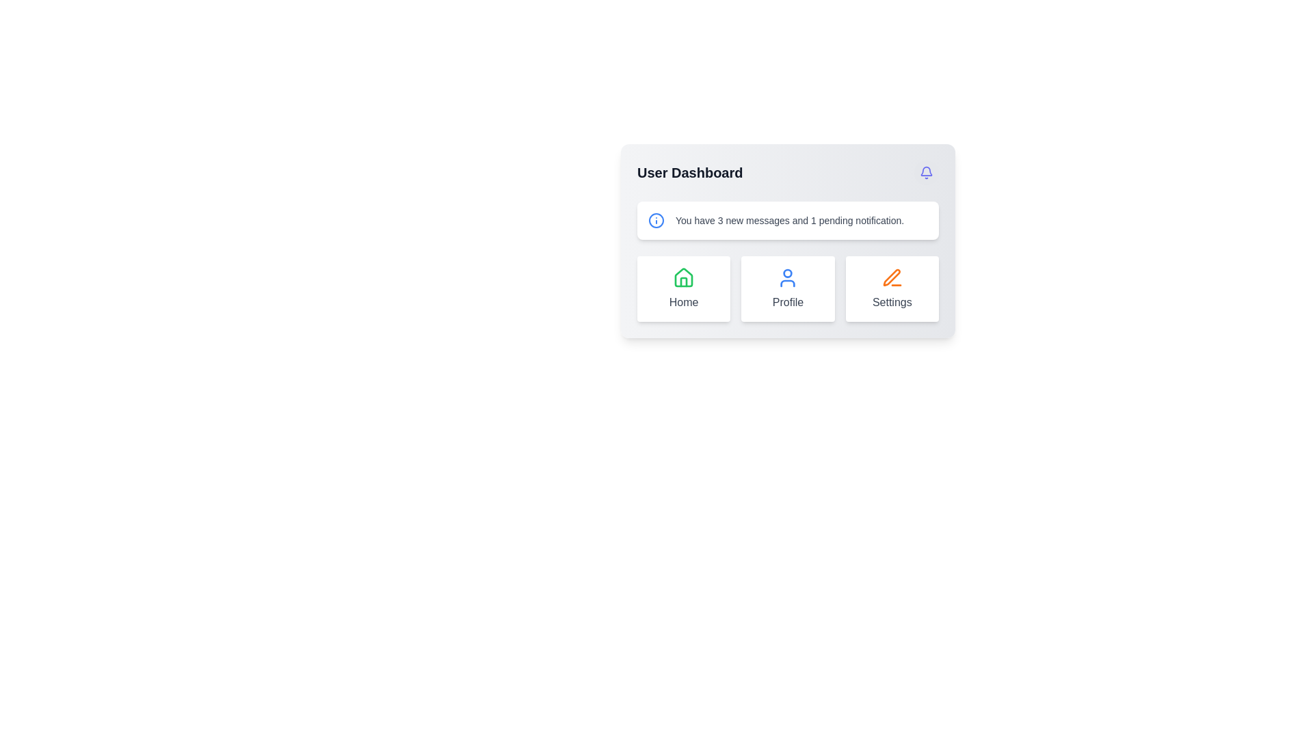  What do you see at coordinates (690, 172) in the screenshot?
I see `the static text element labeled 'User Dashboard', which is located on the left side of the toolbar-like structure at the top of the card element` at bounding box center [690, 172].